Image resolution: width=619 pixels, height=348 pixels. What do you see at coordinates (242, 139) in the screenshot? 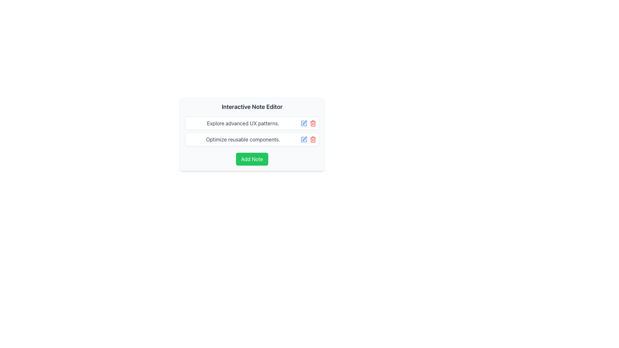
I see `text from the Text Label displaying 'Optimize reusable components.' which is part of the card-like interface in the Interactive Note Editor` at bounding box center [242, 139].